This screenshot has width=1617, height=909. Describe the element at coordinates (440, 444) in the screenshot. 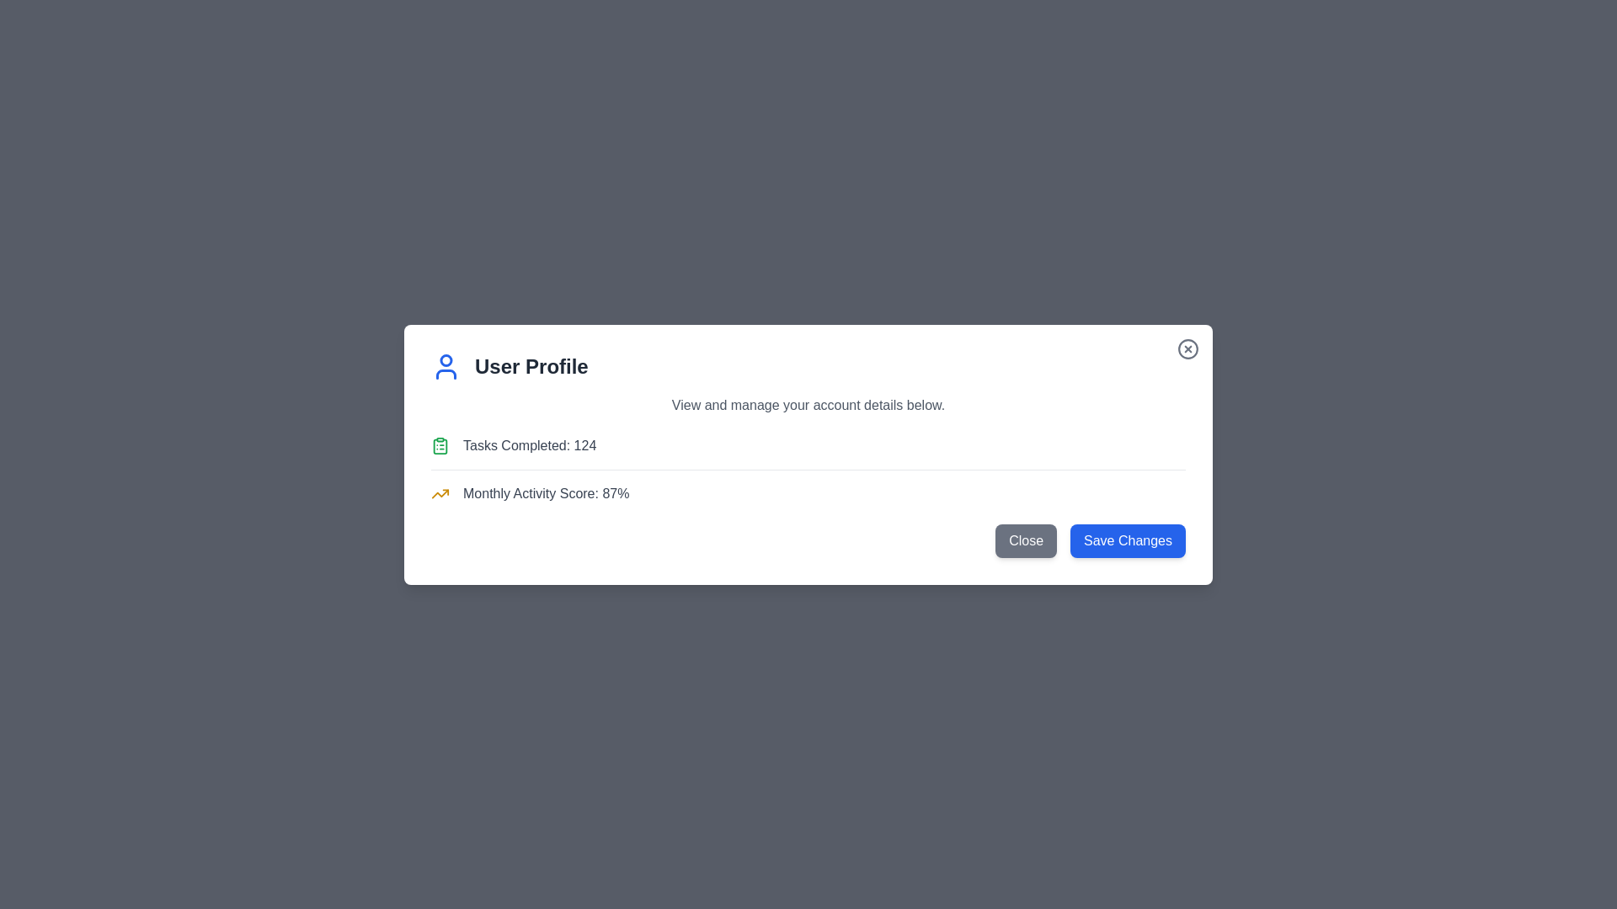

I see `the green clipboard icon with a checkmark located next to the text 'Tasks Completed: 124' in the user profile panel` at that location.